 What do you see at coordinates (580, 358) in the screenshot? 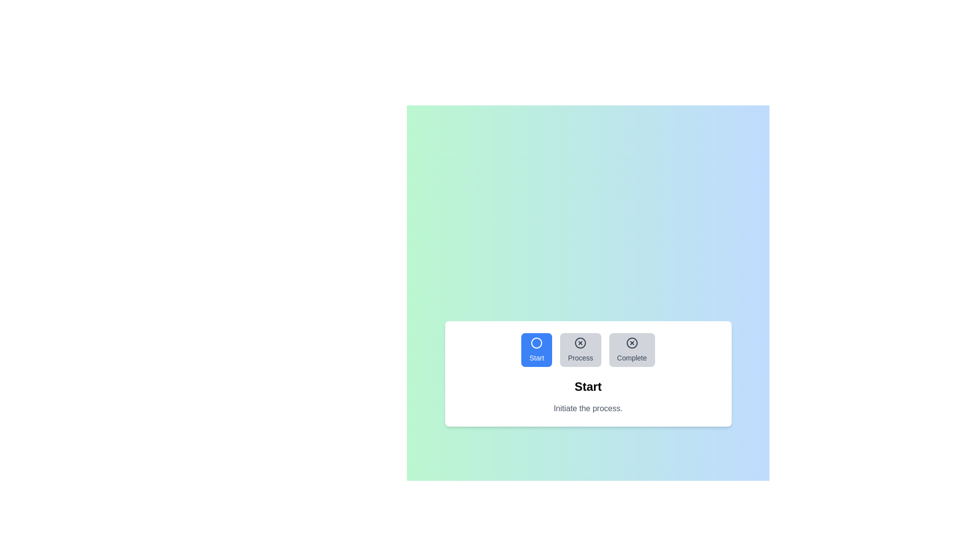
I see `the text label that provides context for the middle button in the row of three horizontally-aligned buttons` at bounding box center [580, 358].